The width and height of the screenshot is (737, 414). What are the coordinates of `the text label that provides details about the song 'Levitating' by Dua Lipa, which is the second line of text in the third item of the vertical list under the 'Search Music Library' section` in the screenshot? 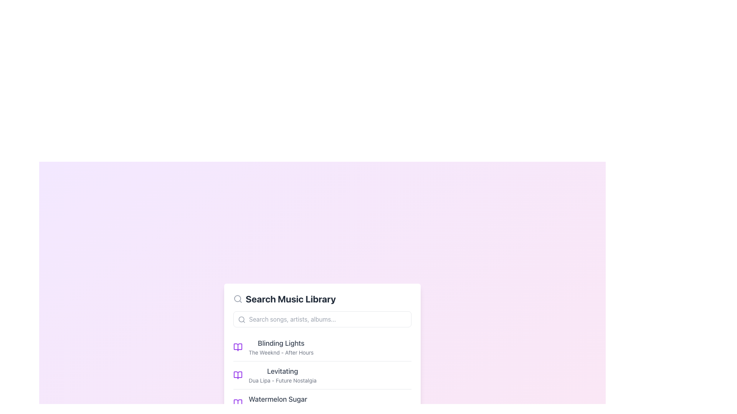 It's located at (282, 380).